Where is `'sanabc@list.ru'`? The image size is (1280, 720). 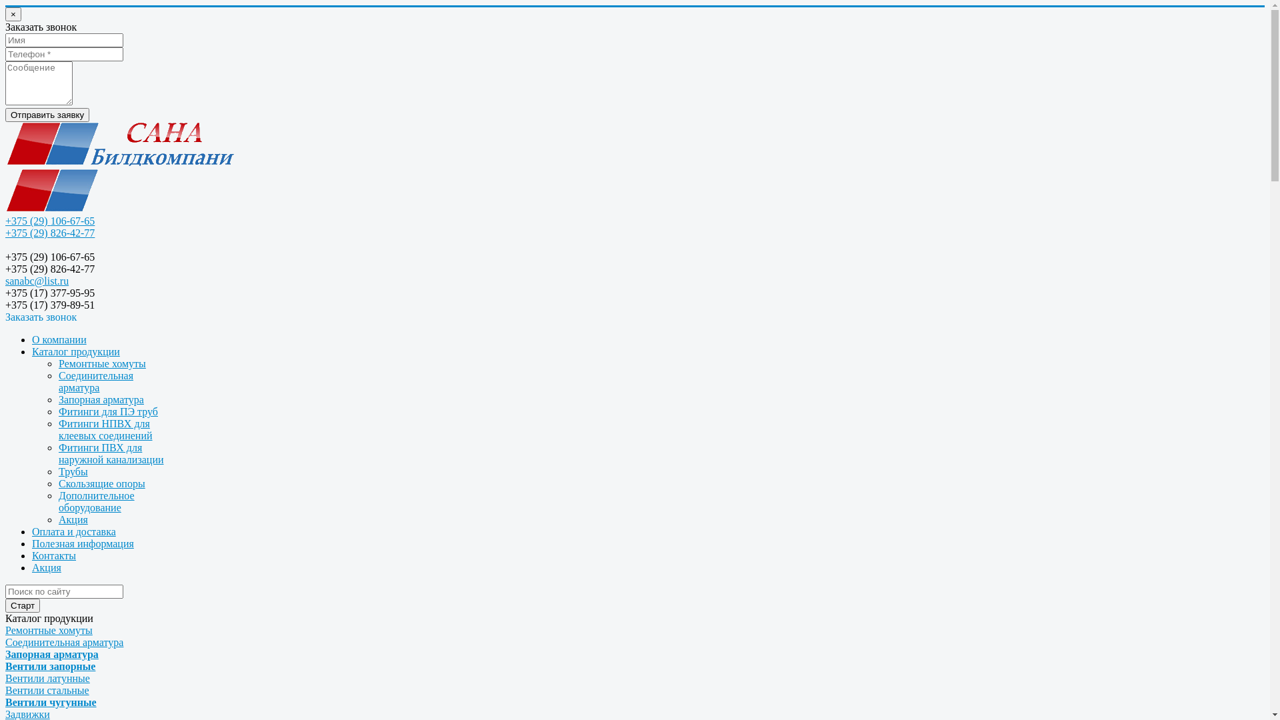
'sanabc@list.ru' is located at coordinates (37, 280).